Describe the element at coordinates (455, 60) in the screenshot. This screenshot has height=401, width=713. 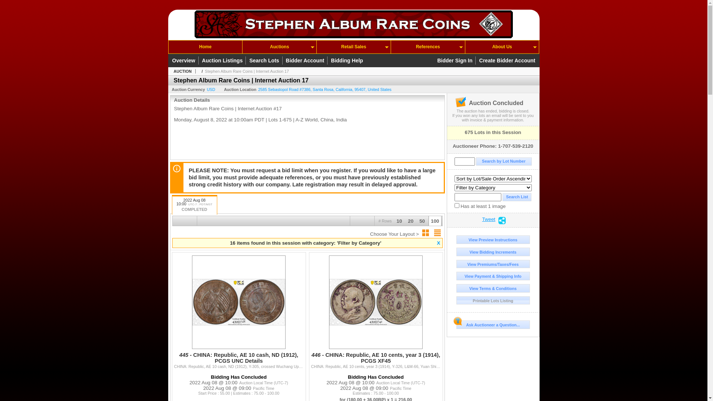
I see `'Bidder Sign In'` at that location.